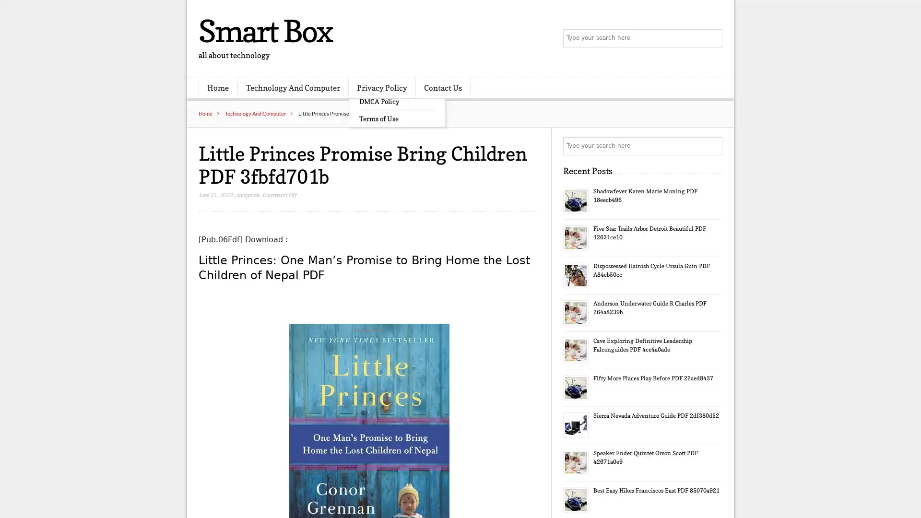 This screenshot has width=921, height=518. What do you see at coordinates (712, 38) in the screenshot?
I see `Search` at bounding box center [712, 38].